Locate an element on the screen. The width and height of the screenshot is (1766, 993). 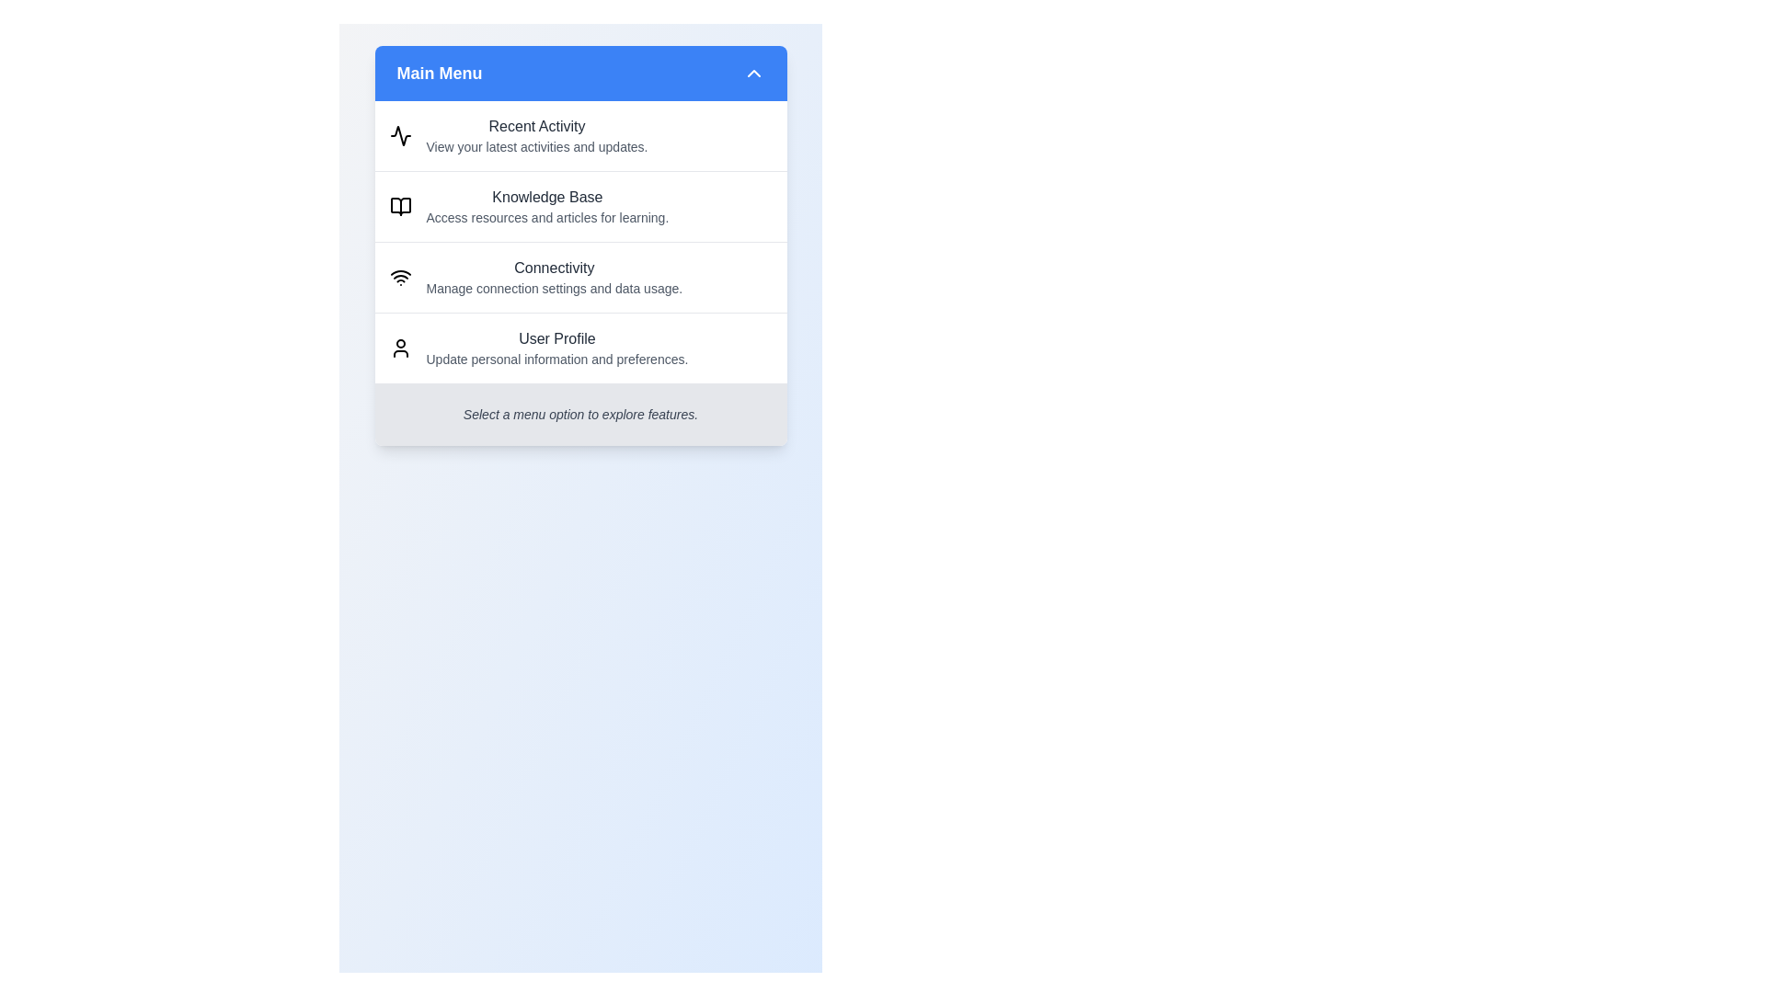
the menu item User Profile by clicking on it is located at coordinates (579, 348).